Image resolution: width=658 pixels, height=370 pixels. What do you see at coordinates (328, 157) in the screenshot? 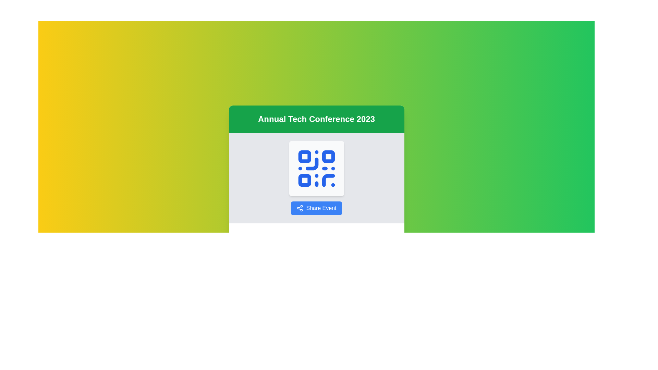
I see `the top-right square of the QR code segment, which is a rounded square filled with a white background and highlighted in blue` at bounding box center [328, 157].